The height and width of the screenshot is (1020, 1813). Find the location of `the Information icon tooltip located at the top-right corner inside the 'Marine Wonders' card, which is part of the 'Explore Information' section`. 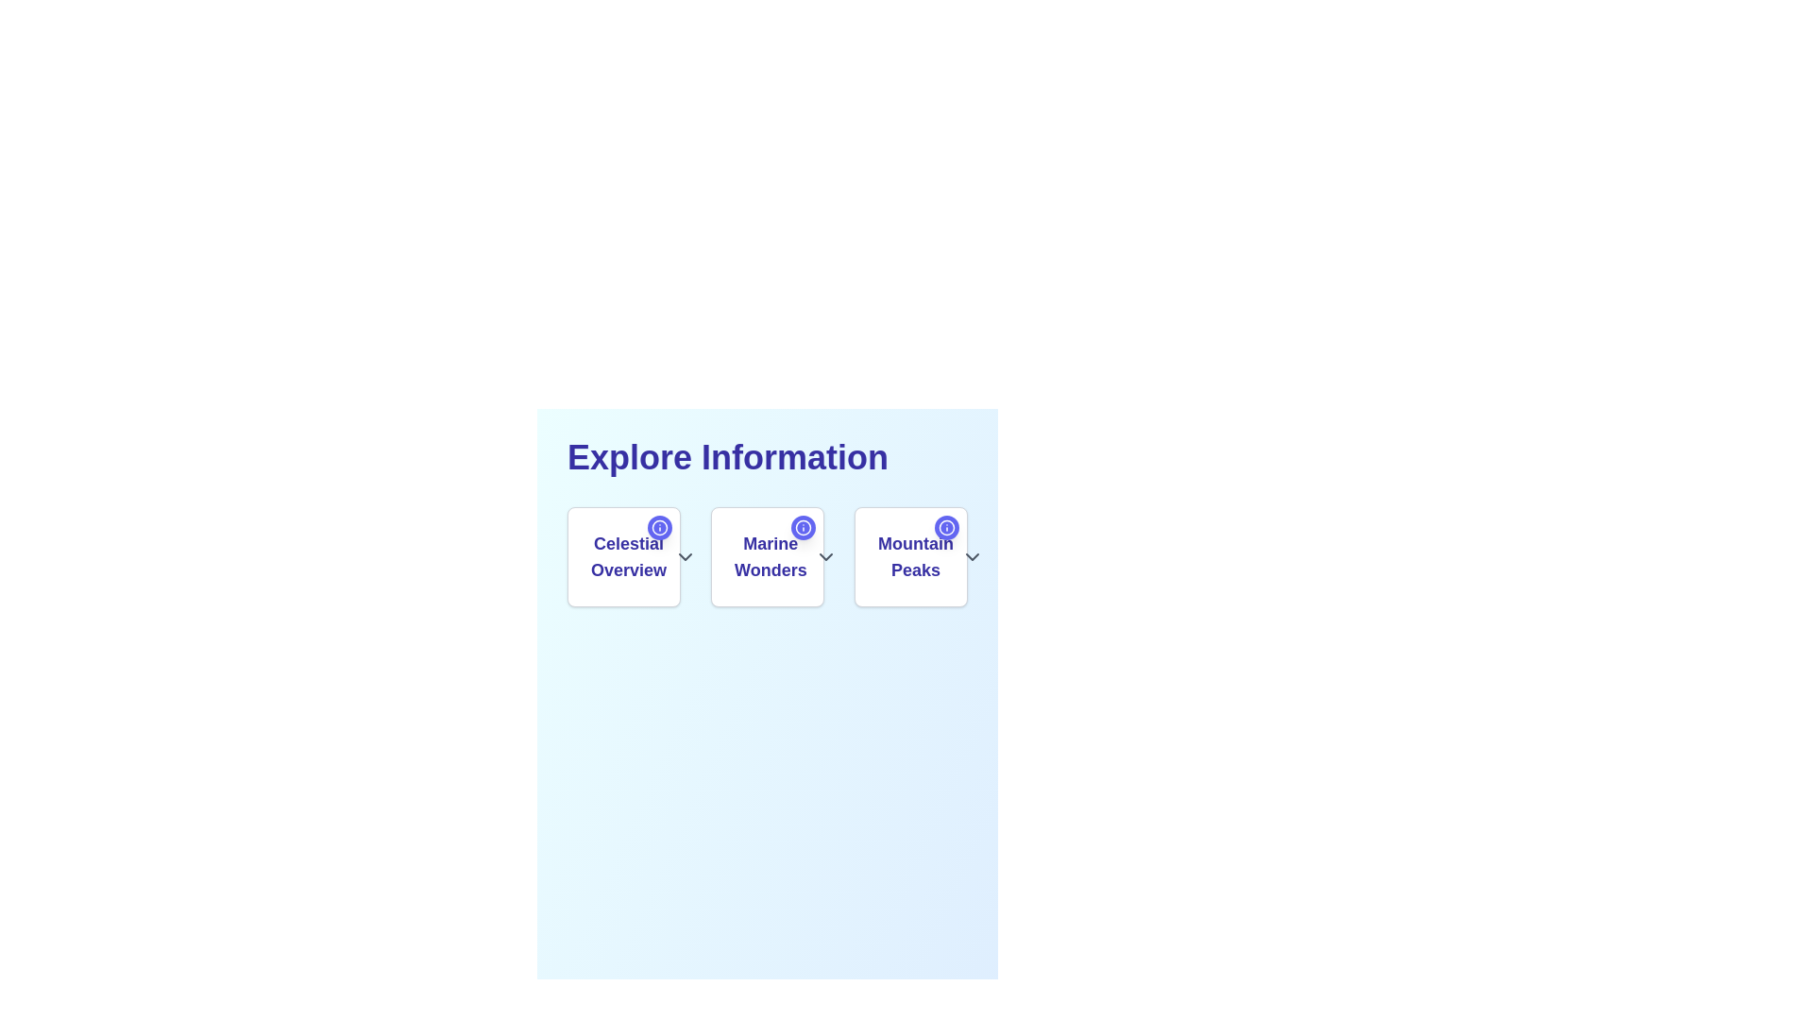

the Information icon tooltip located at the top-right corner inside the 'Marine Wonders' card, which is part of the 'Explore Information' section is located at coordinates (803, 528).